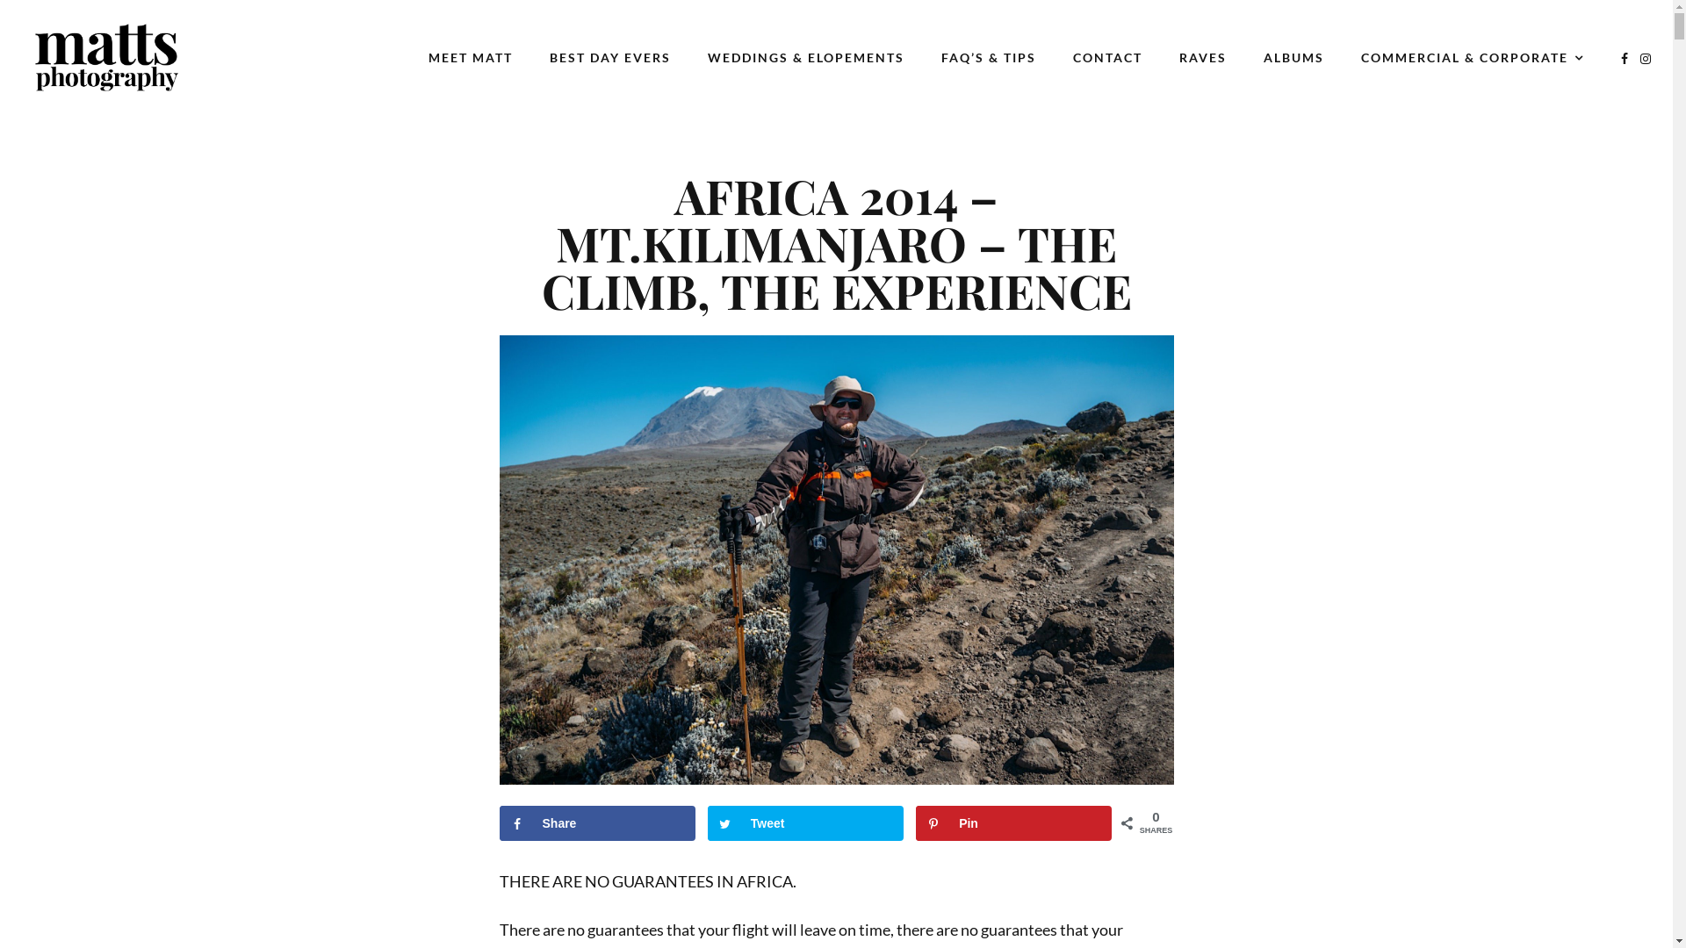  I want to click on 'Share', so click(596, 822).